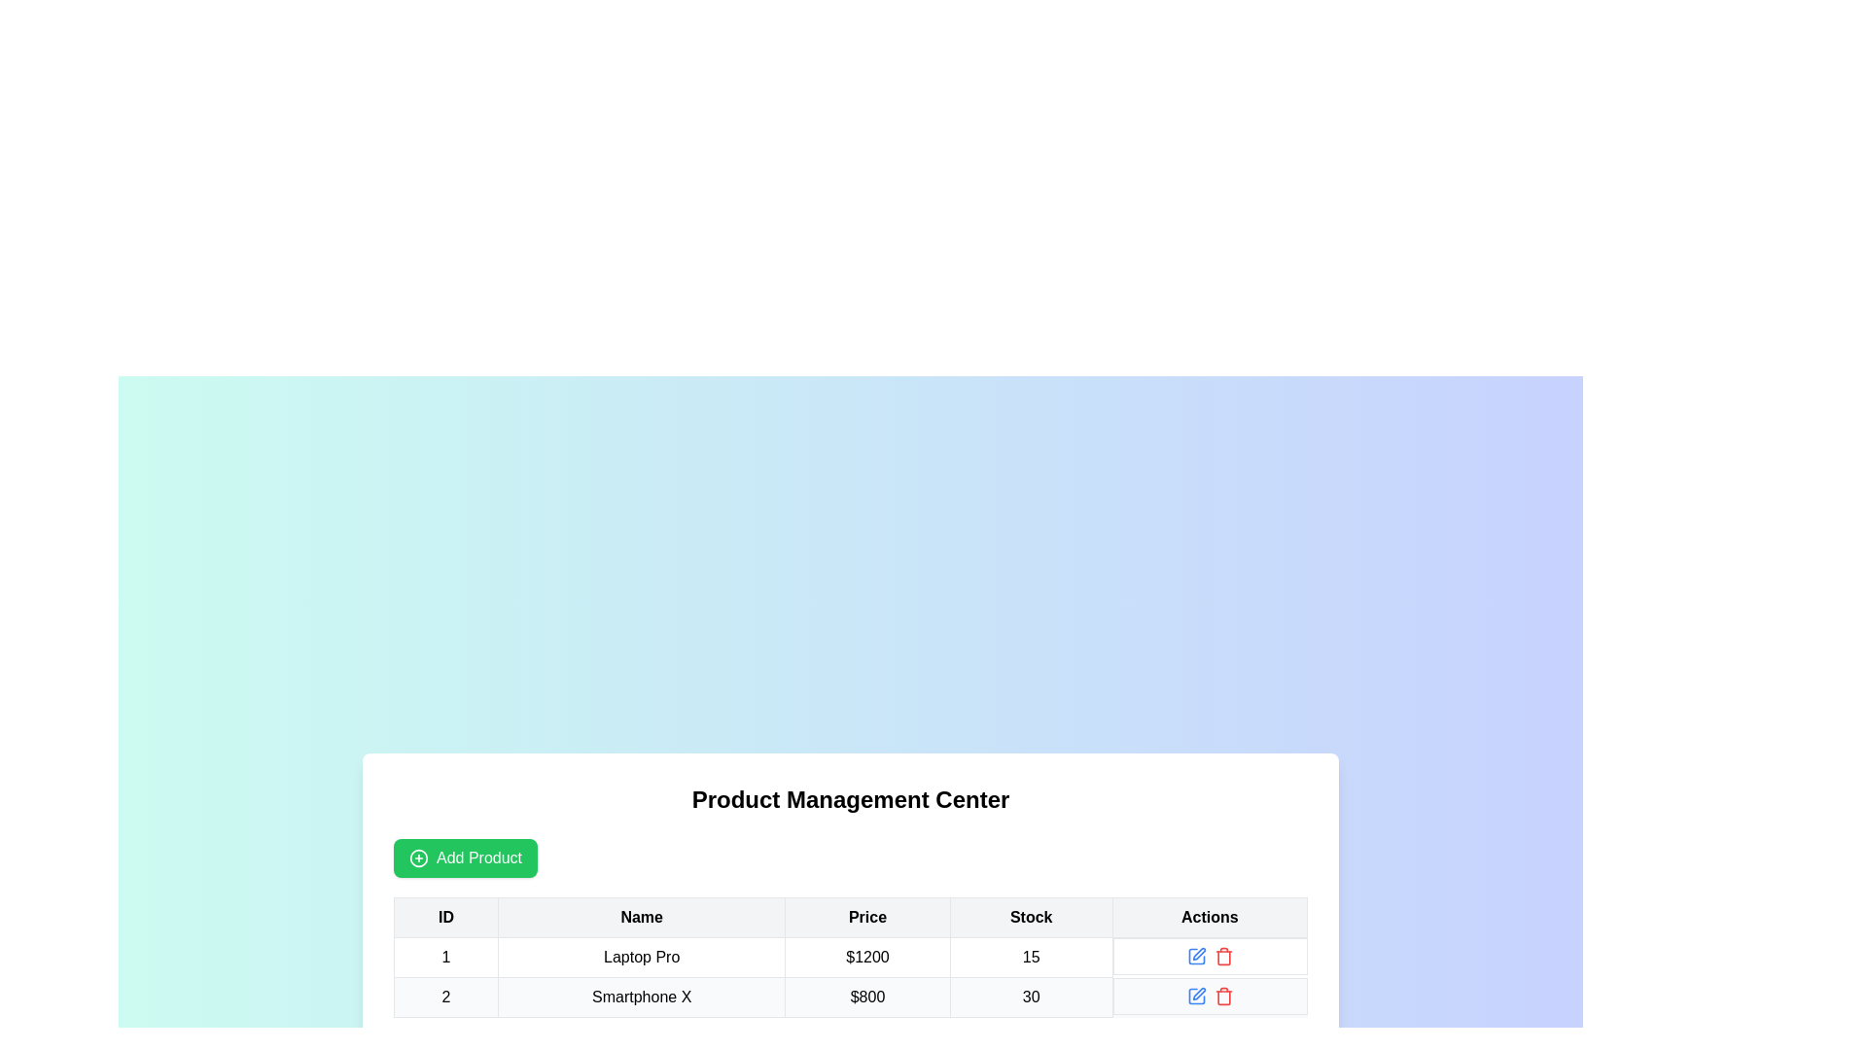 The height and width of the screenshot is (1050, 1867). Describe the element at coordinates (642, 956) in the screenshot. I see `the table cell displaying the name 'Laptop Pro' in the 'Name' column of the product management table` at that location.